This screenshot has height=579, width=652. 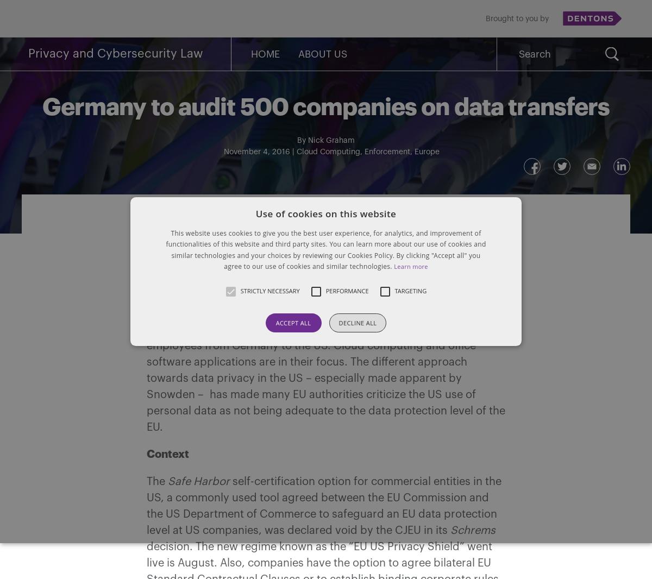 I want to click on 'Cloud Computing', so click(x=296, y=152).